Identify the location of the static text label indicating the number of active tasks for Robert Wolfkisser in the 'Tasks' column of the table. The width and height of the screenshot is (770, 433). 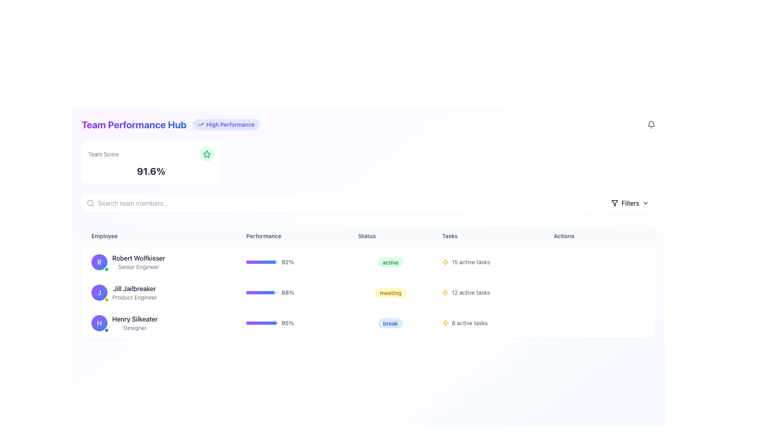
(471, 262).